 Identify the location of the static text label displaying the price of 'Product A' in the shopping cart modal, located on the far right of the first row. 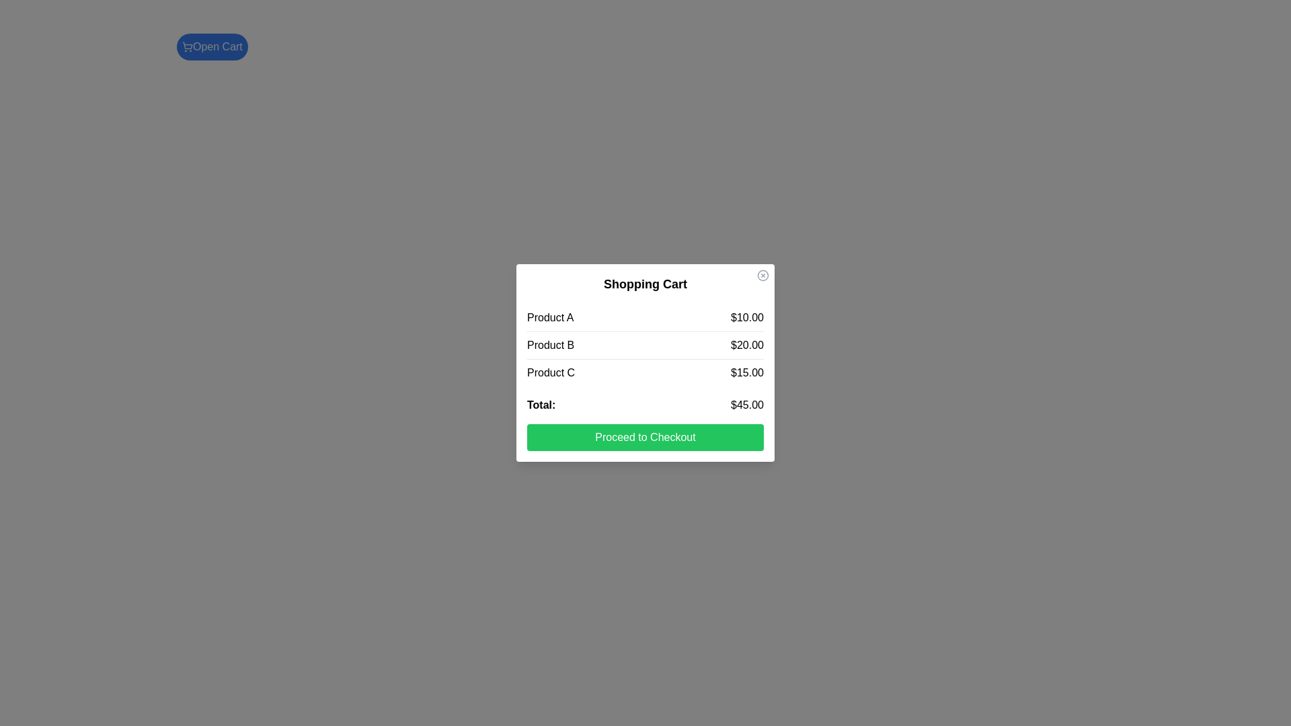
(746, 318).